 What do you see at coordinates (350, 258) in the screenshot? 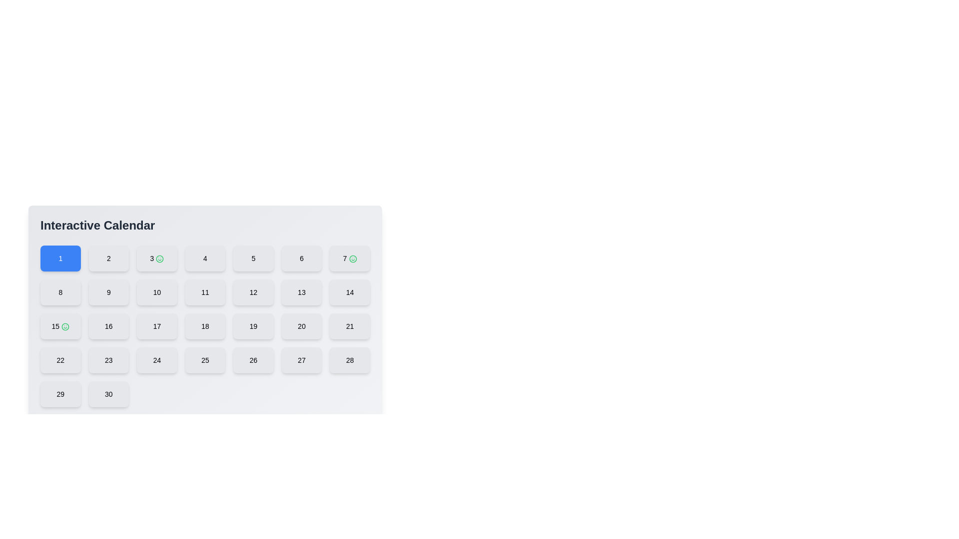
I see `the selectable day button` at bounding box center [350, 258].